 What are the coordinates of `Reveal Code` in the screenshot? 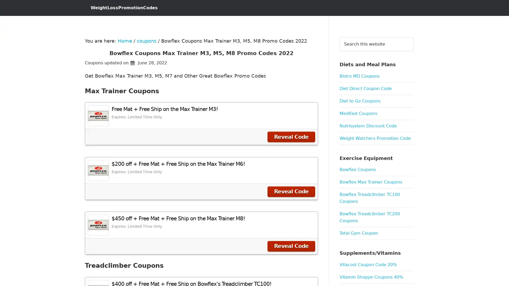 It's located at (291, 246).